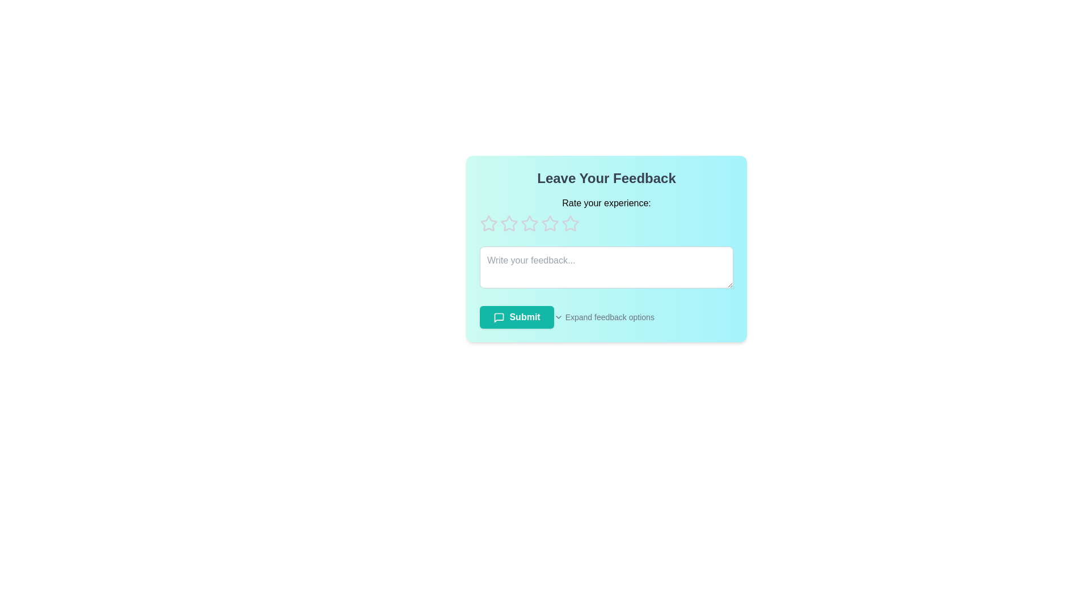 The image size is (1089, 612). I want to click on the label that prompts users to provide a rating of their experience, located below the title 'Leave Your Feedback' and above the star icons in the feedback form, so click(606, 202).